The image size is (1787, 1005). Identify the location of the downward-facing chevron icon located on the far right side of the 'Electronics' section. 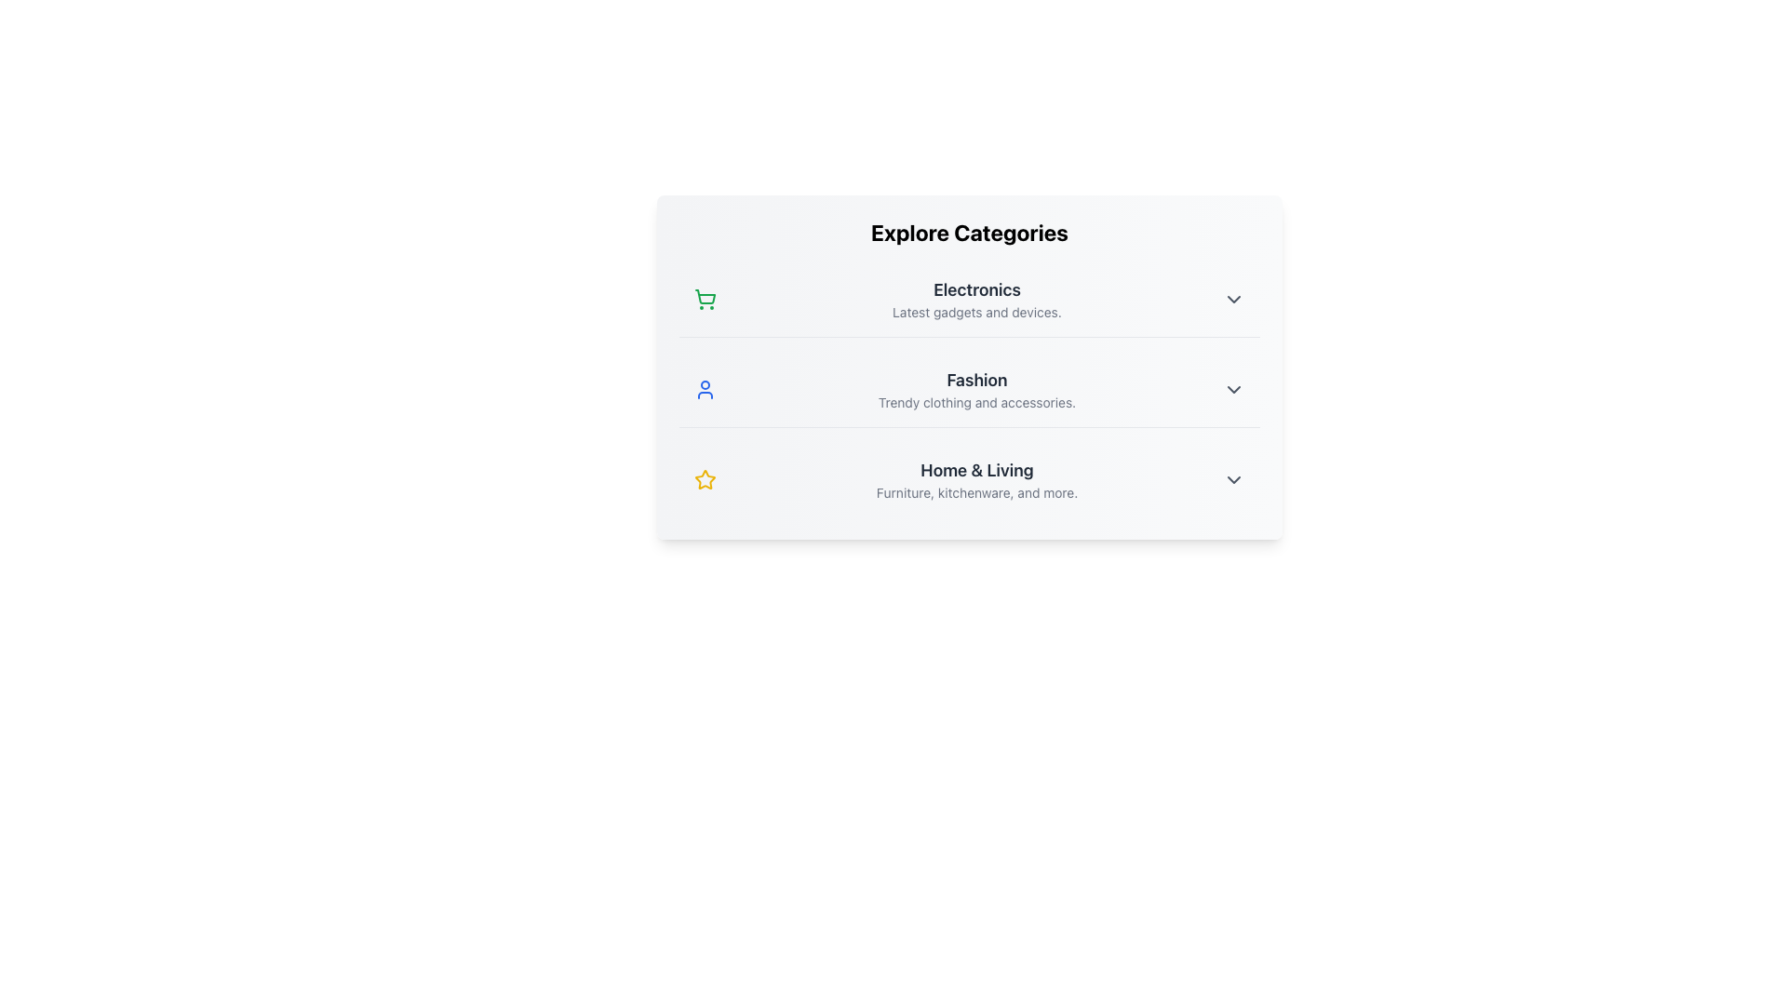
(1233, 298).